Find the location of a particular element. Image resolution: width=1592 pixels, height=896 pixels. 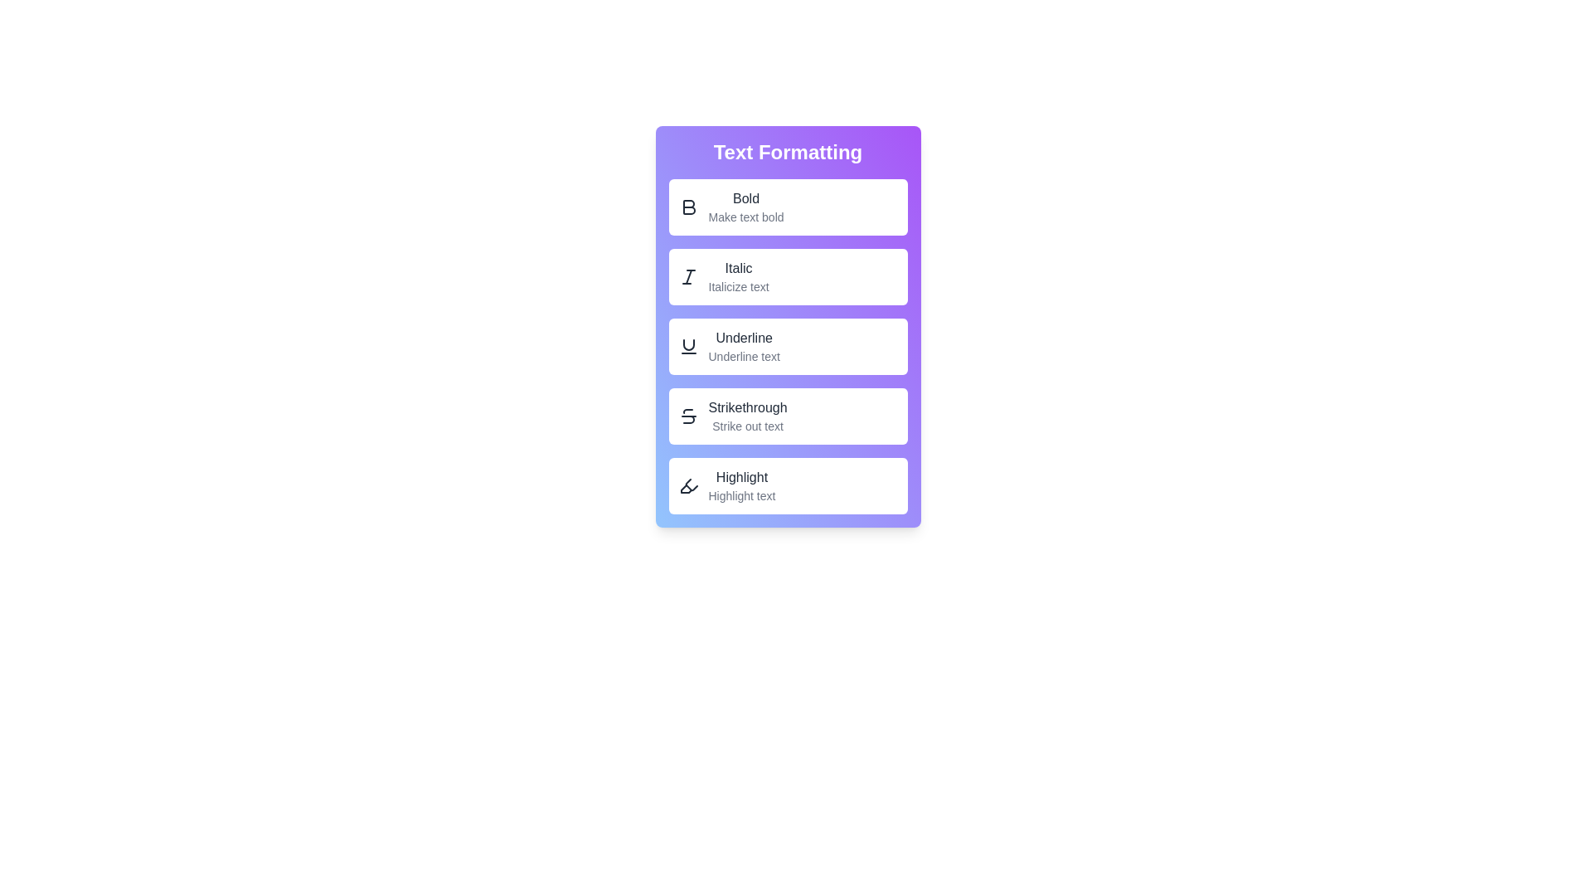

the 'Underline' button in the TextFormattingMenu component is located at coordinates (787, 345).